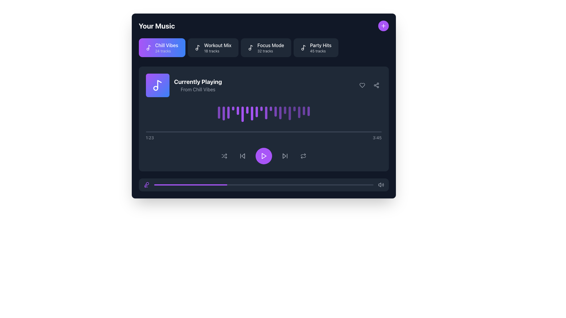 The width and height of the screenshot is (566, 318). What do you see at coordinates (242, 114) in the screenshot?
I see `the sixth visual waveform bar in the music playback interface, which represents the dynamic audio visualization of the currently playing track` at bounding box center [242, 114].